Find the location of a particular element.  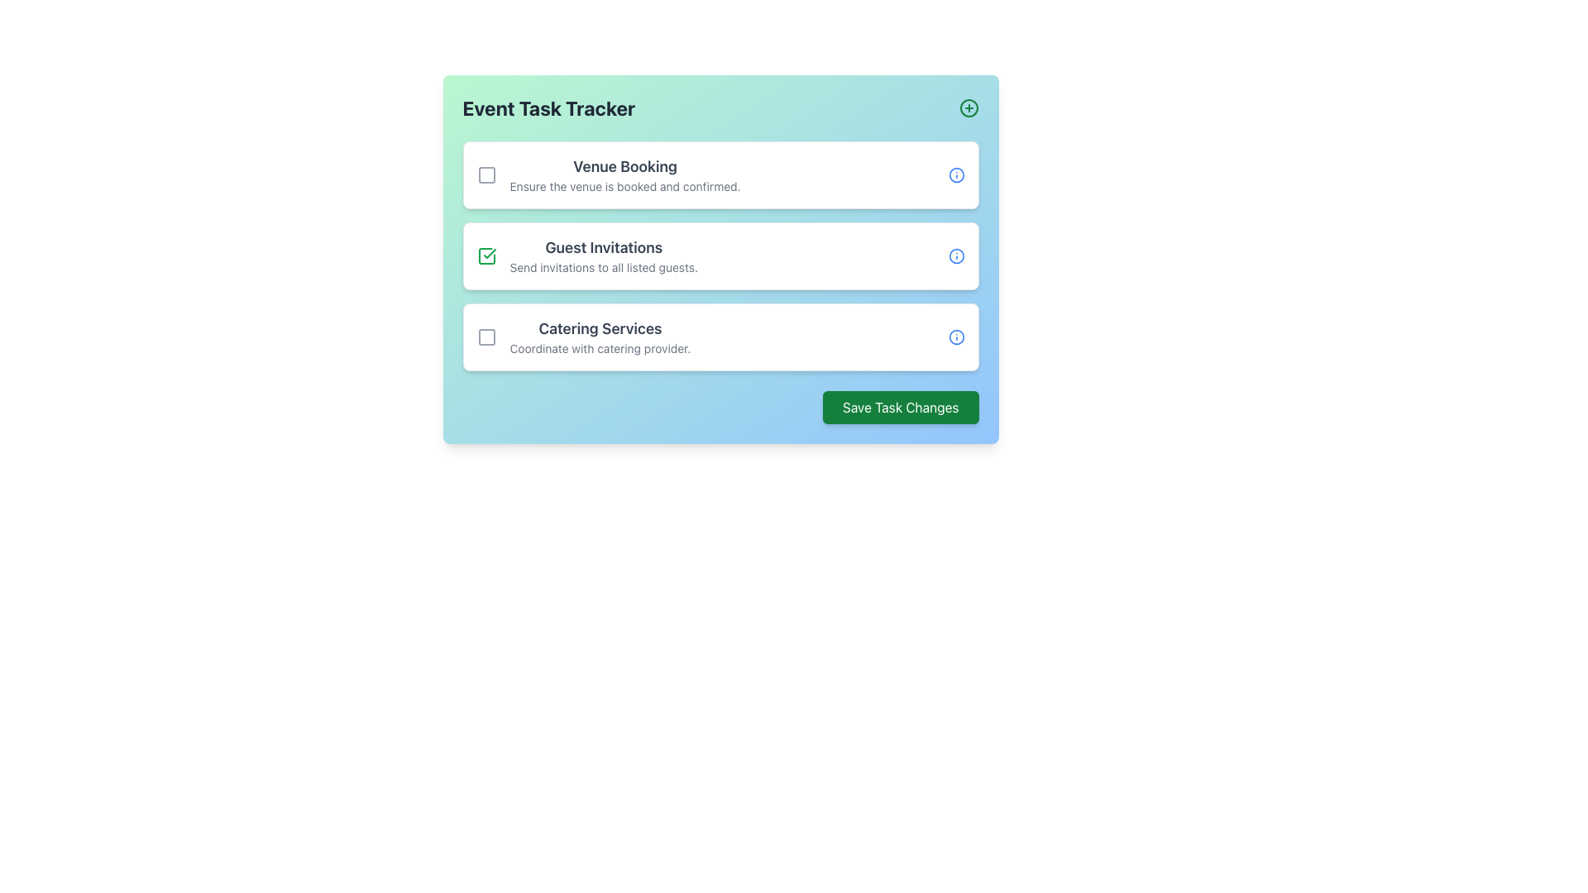

the explanatory text 'Ensure the venue is booked and confirmed.' which is styled with a smaller gray font and positioned directly below the heading 'Venue Booking' in the task tracker interface is located at coordinates (624, 186).